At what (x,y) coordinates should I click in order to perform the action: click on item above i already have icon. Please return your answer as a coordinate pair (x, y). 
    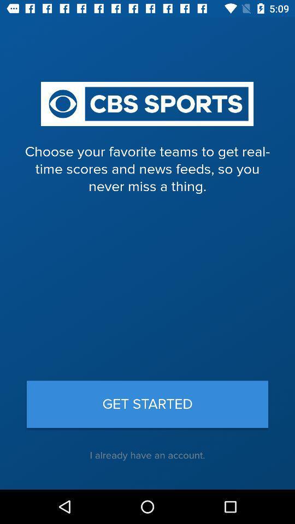
    Looking at the image, I should click on (147, 403).